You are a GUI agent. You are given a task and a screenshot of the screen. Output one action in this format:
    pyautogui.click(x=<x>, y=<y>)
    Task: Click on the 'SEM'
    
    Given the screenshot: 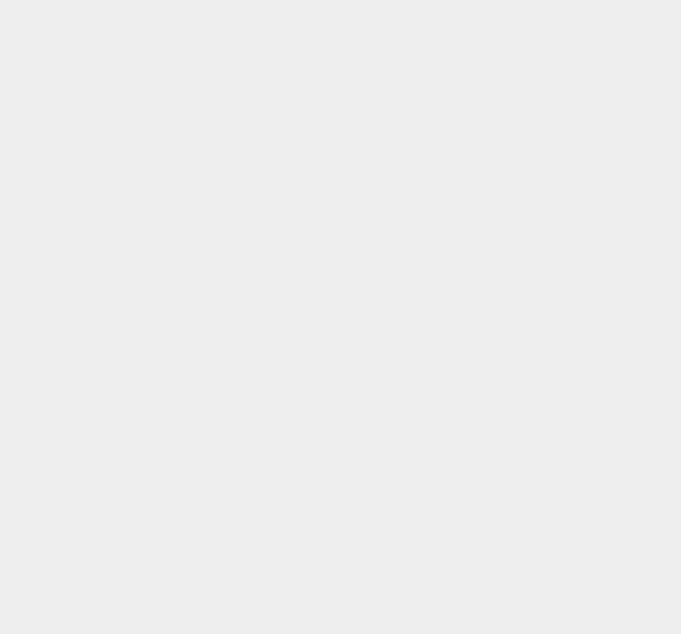 What is the action you would take?
    pyautogui.click(x=21, y=21)
    